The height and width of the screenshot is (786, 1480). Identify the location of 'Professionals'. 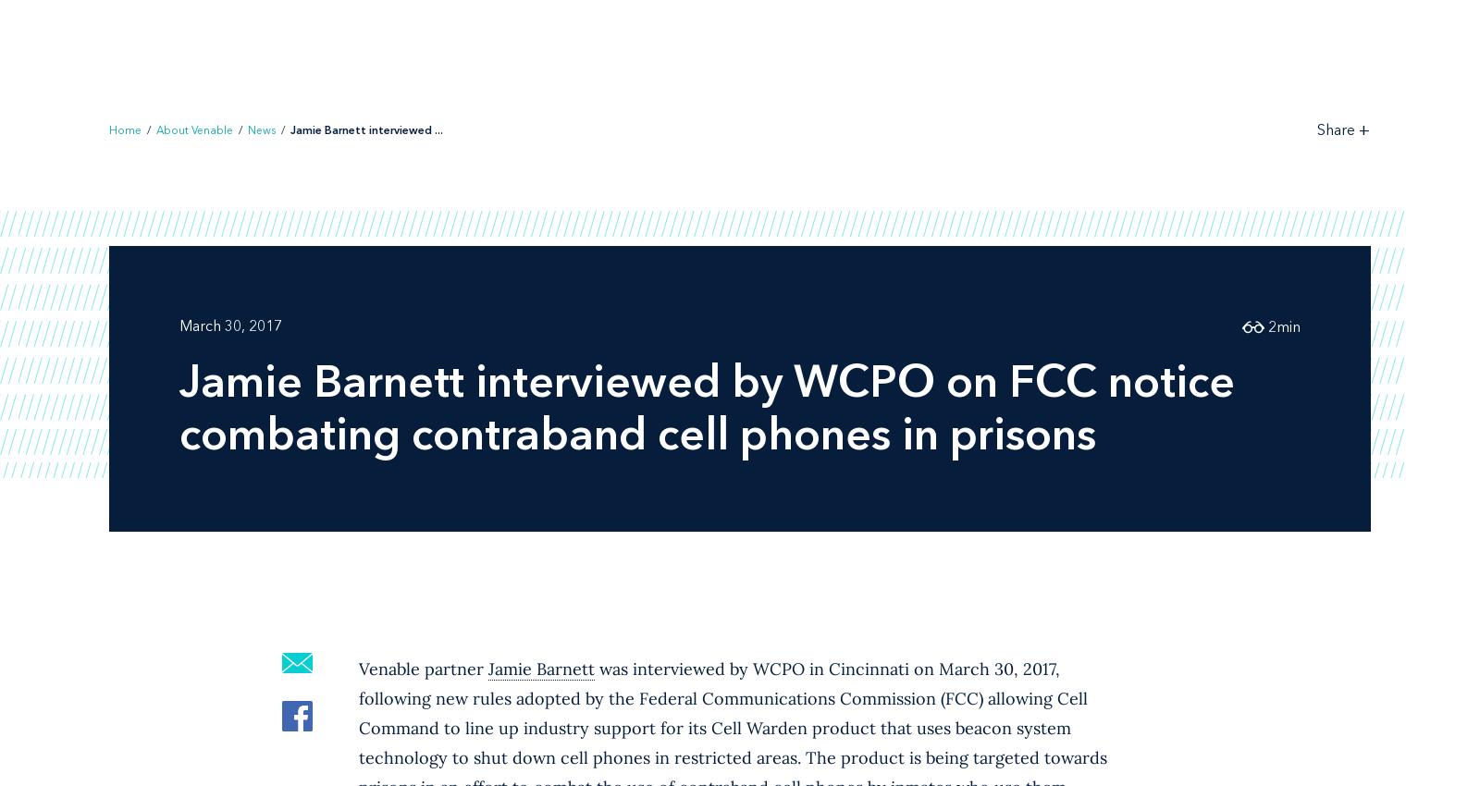
(633, 41).